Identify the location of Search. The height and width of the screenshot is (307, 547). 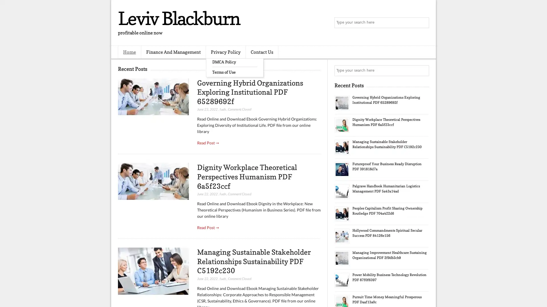
(423, 23).